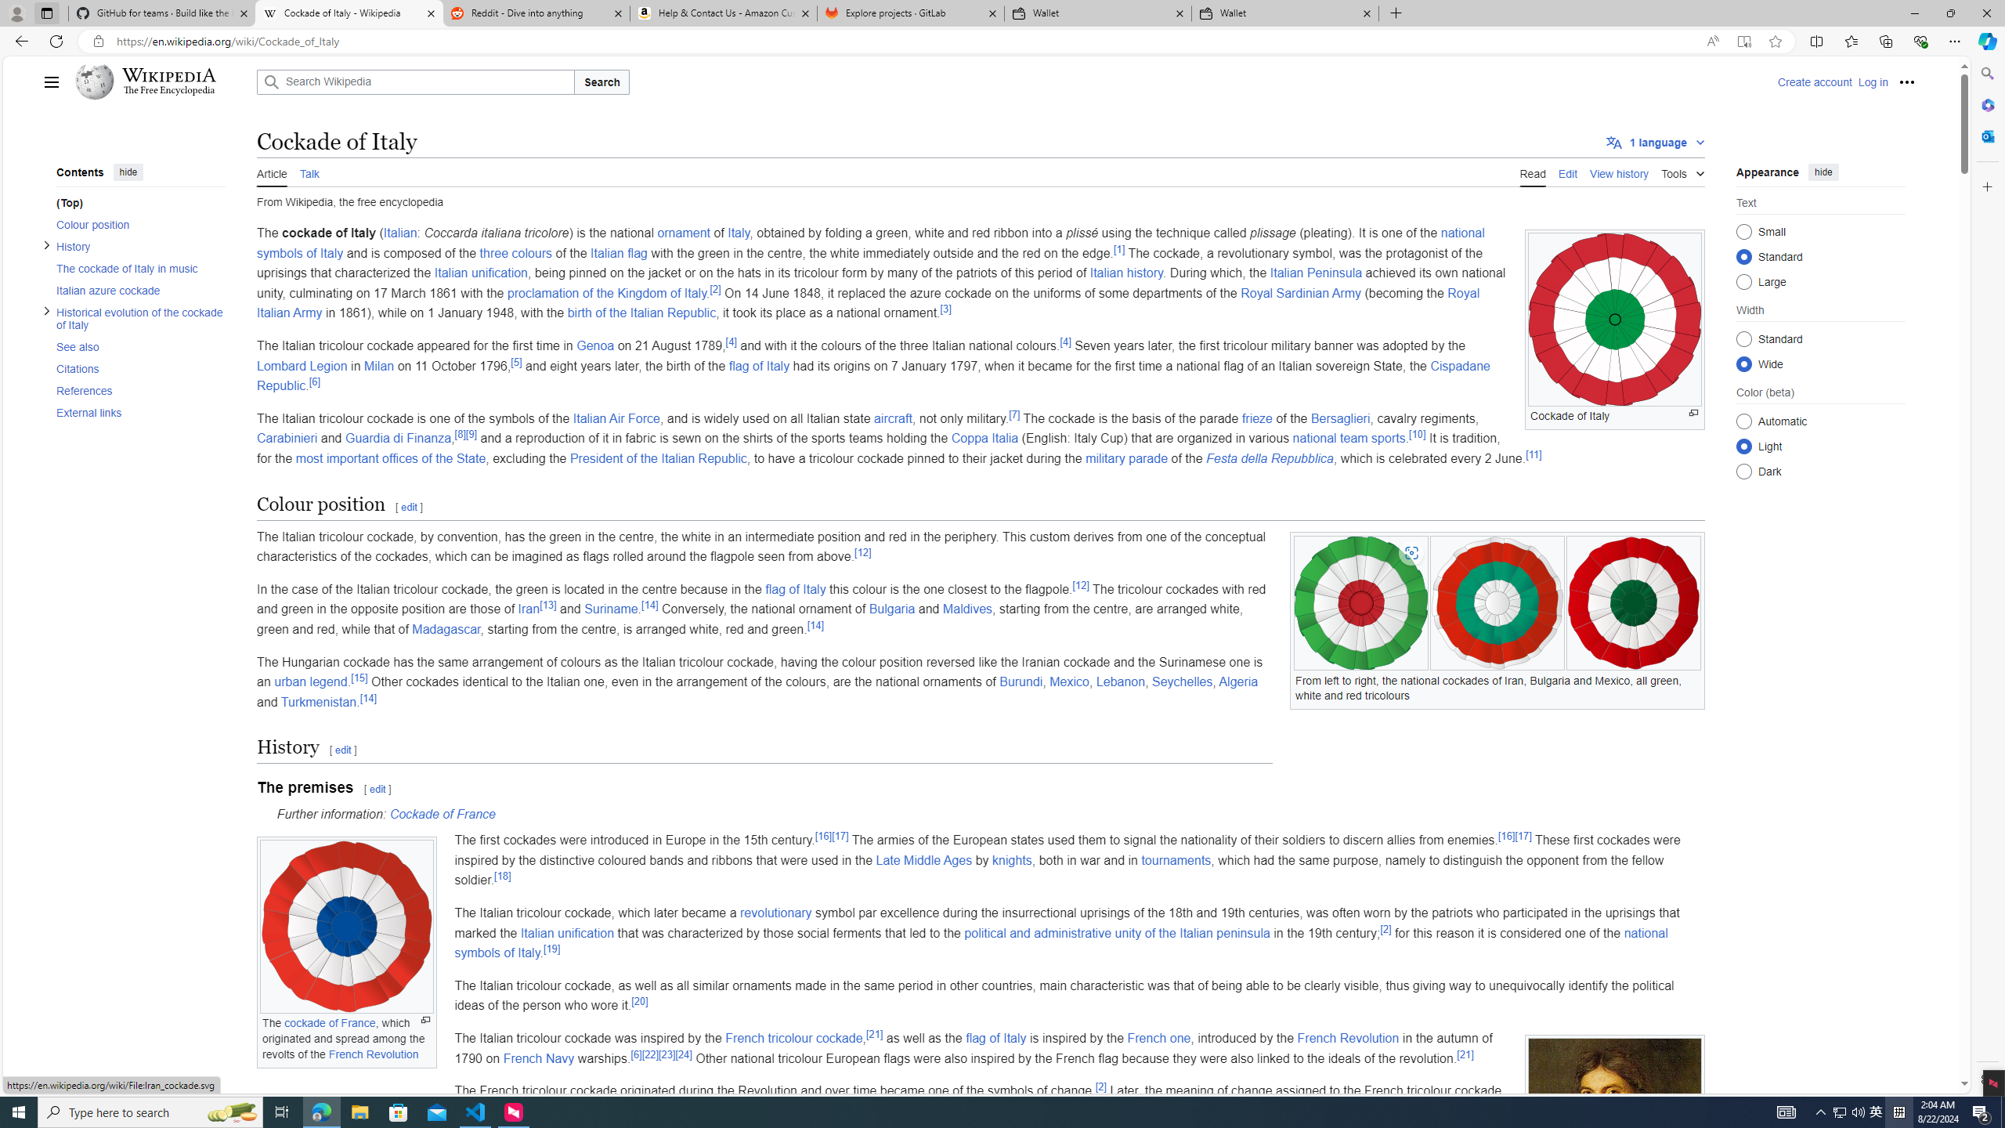 The height and width of the screenshot is (1128, 2005). I want to click on 'See also', so click(134, 345).